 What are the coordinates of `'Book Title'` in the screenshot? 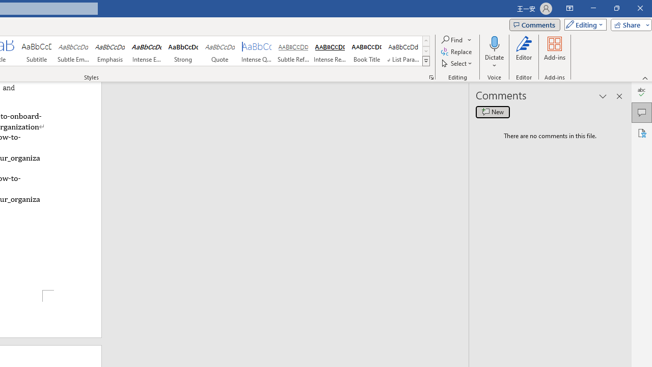 It's located at (367, 51).